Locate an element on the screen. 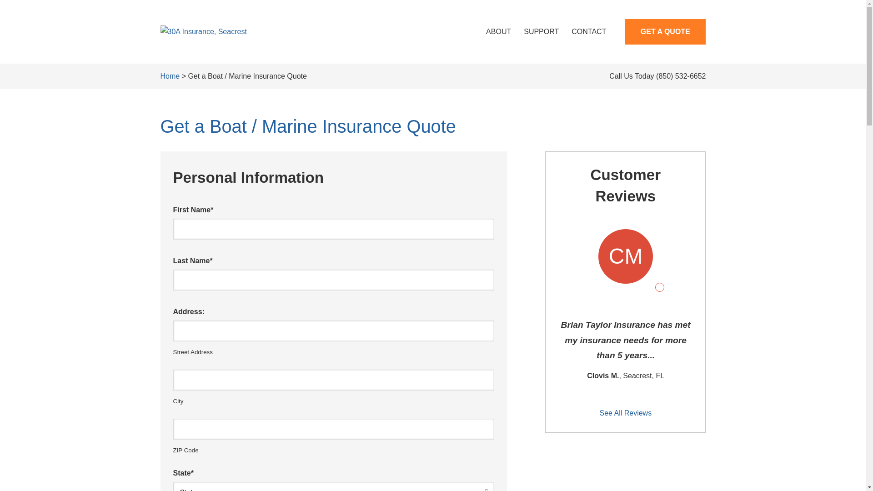 This screenshot has height=491, width=873. 'Home' is located at coordinates (170, 75).